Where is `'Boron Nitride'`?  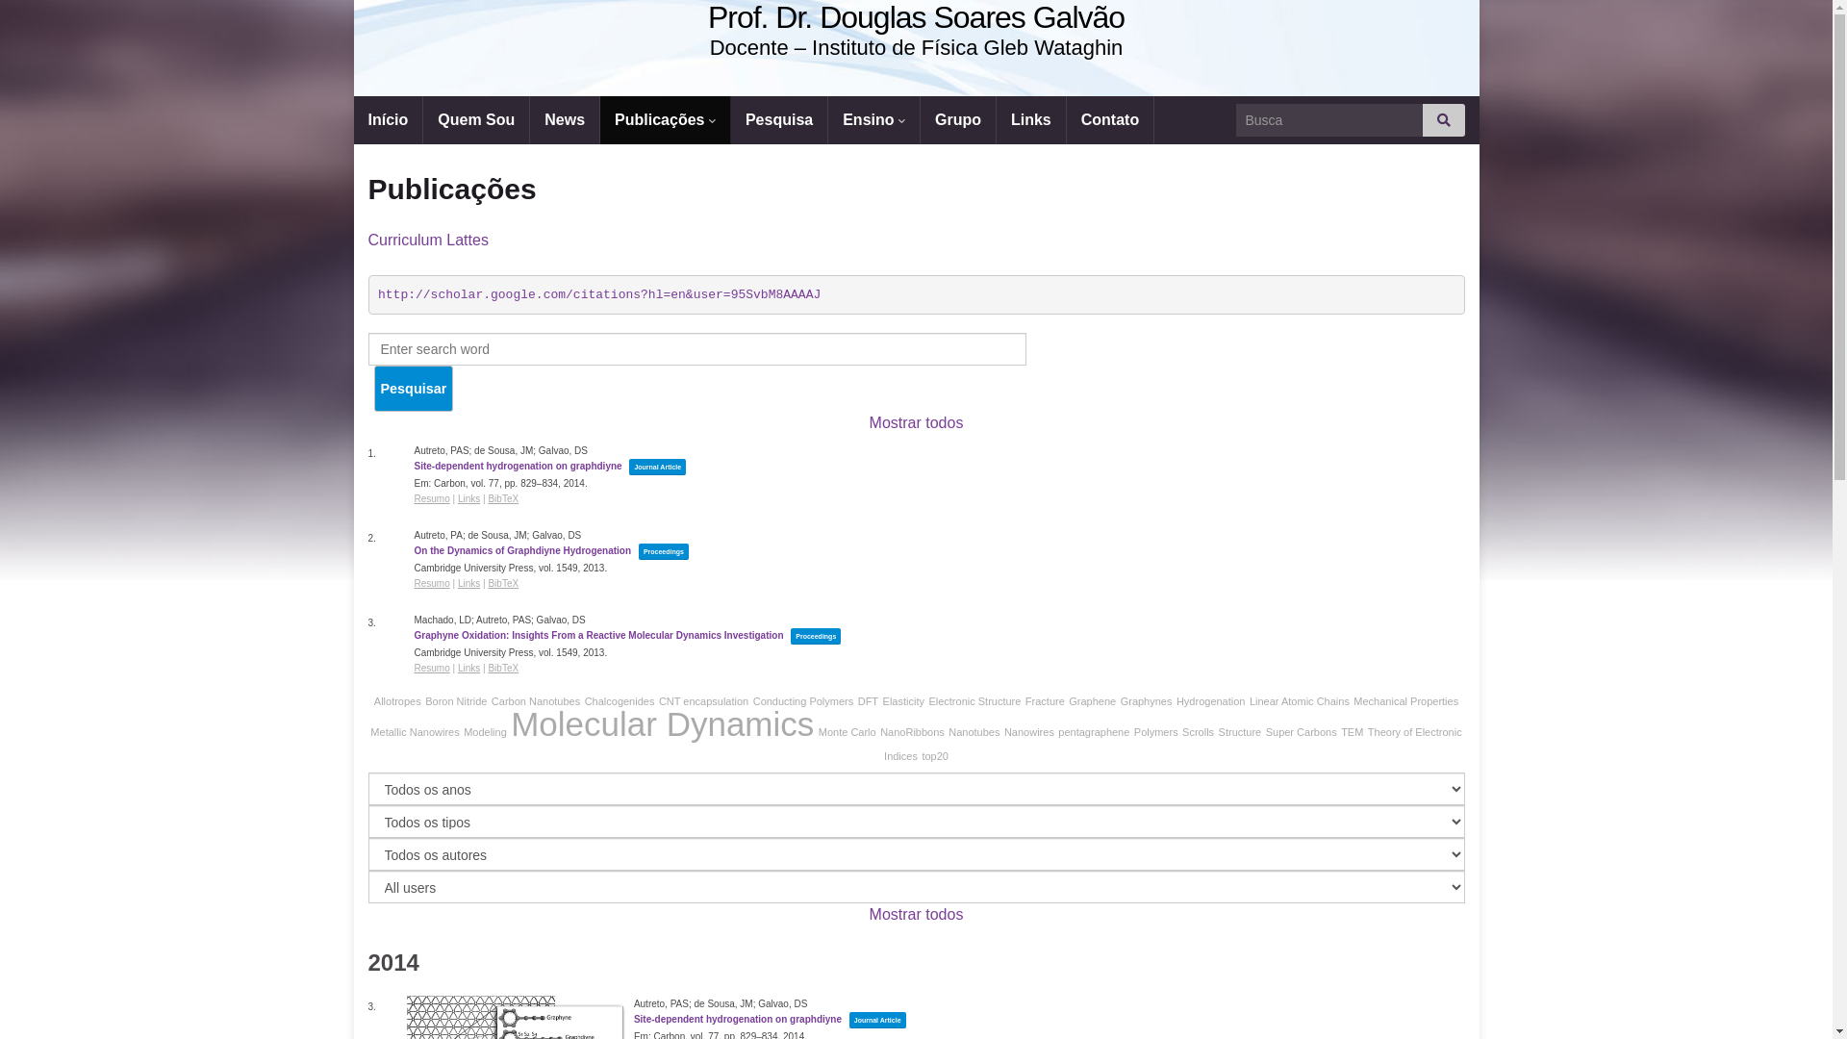 'Boron Nitride' is located at coordinates (455, 701).